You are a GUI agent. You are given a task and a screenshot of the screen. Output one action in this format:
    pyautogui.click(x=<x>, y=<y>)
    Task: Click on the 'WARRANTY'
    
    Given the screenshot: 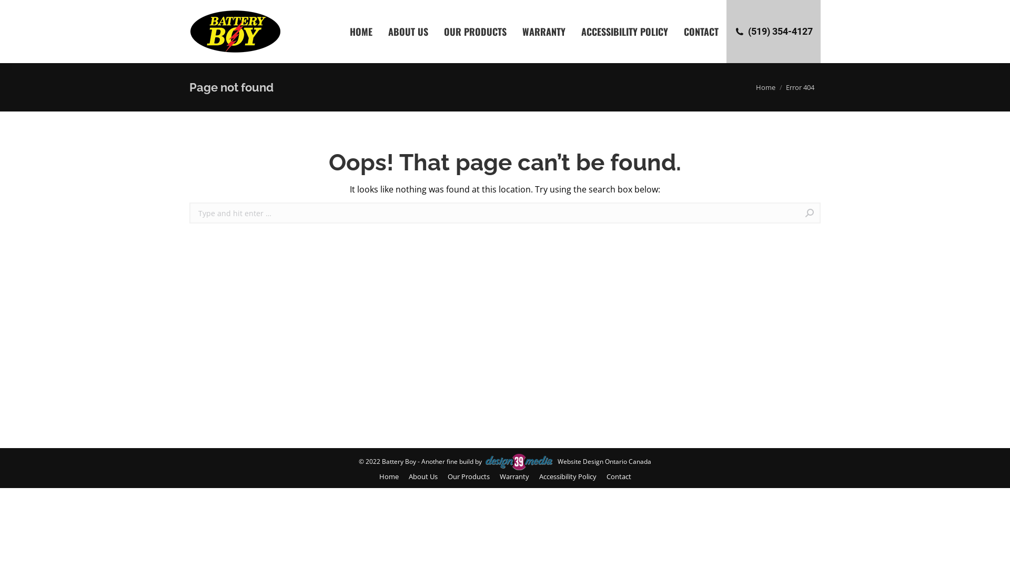 What is the action you would take?
    pyautogui.click(x=543, y=31)
    